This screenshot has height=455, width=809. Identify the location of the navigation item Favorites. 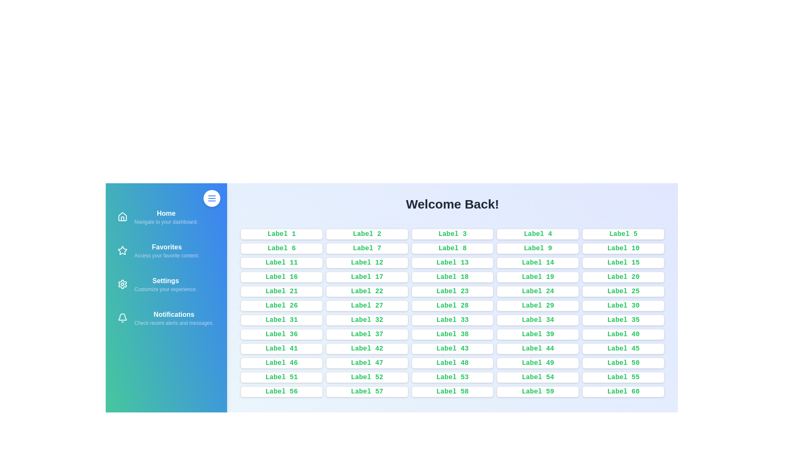
(166, 250).